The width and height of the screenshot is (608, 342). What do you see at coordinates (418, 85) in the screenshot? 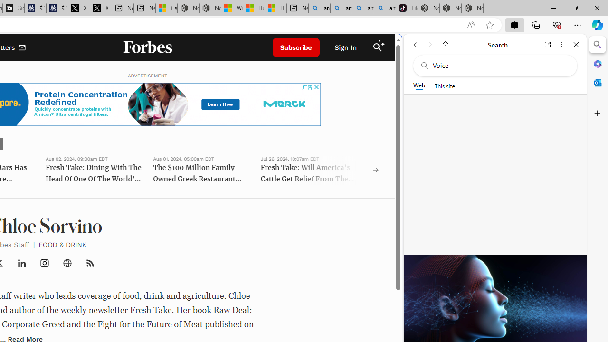
I see `'Web scope'` at bounding box center [418, 85].